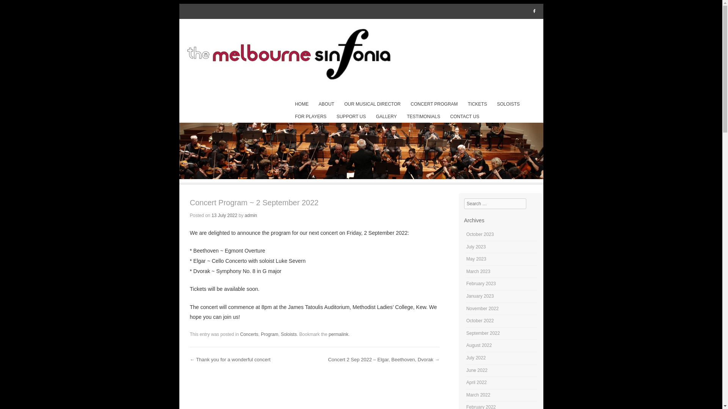  Describe the element at coordinates (478, 271) in the screenshot. I see `'March 2023'` at that location.